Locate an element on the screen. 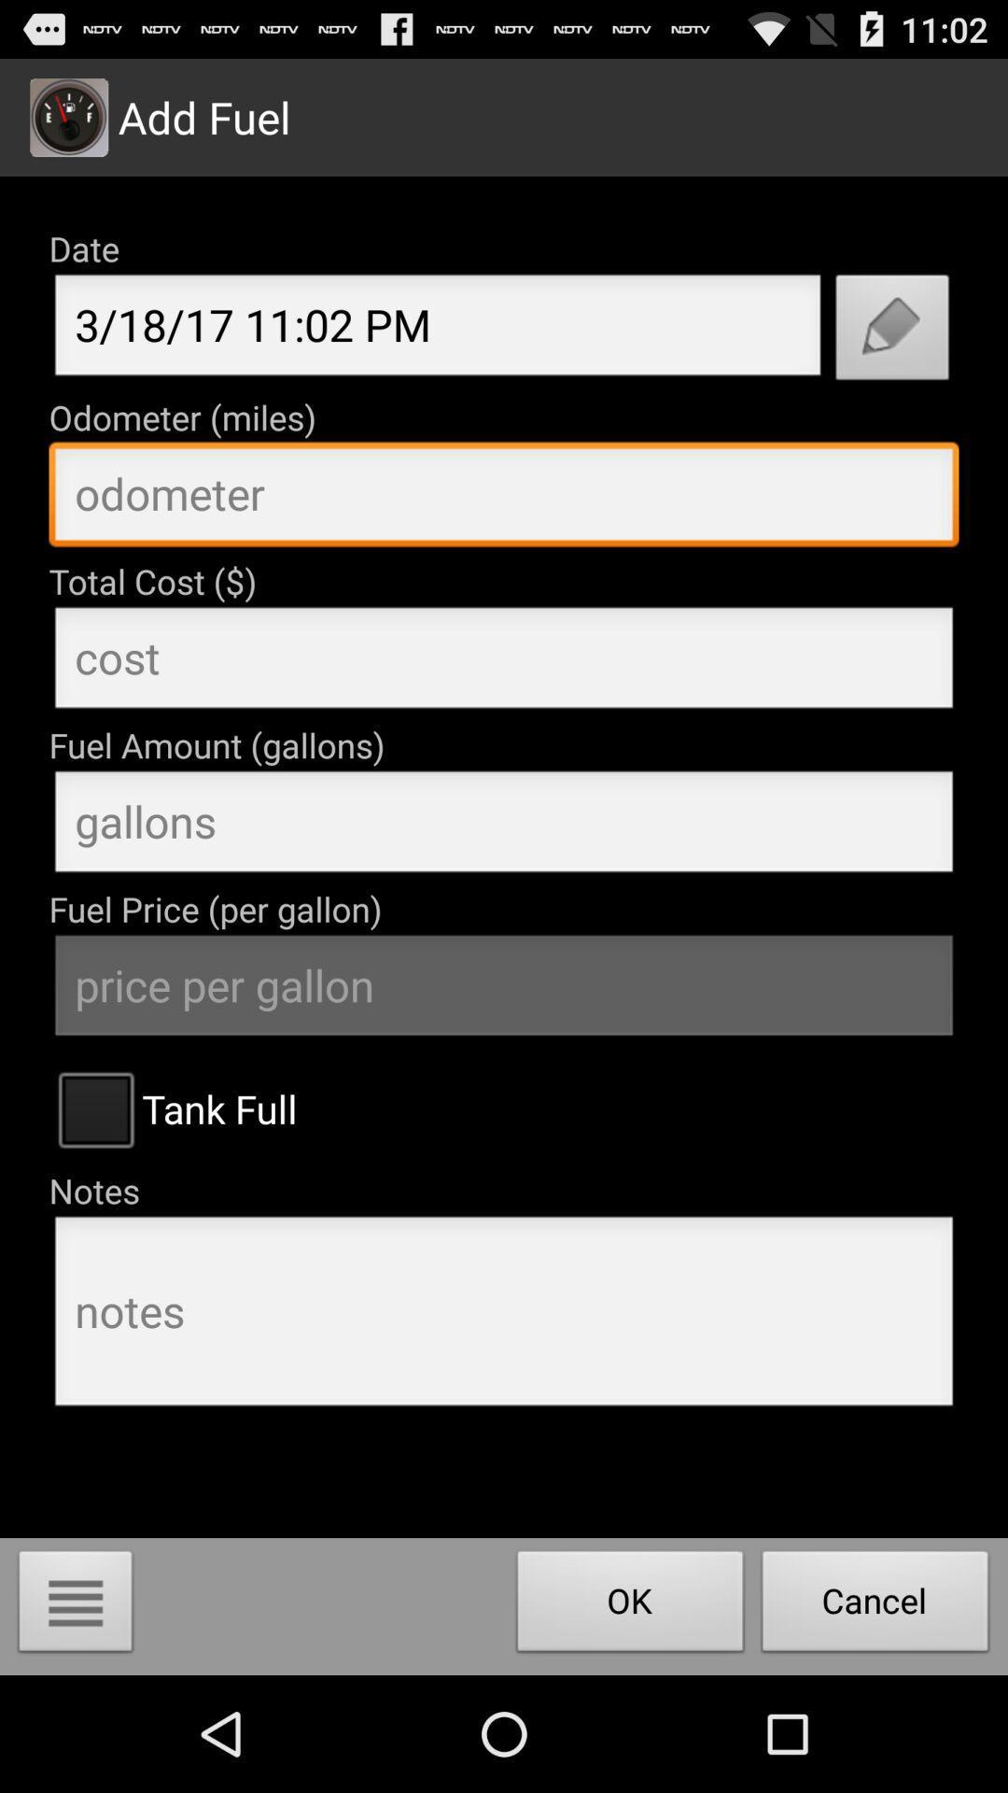  notes is located at coordinates (504, 1316).